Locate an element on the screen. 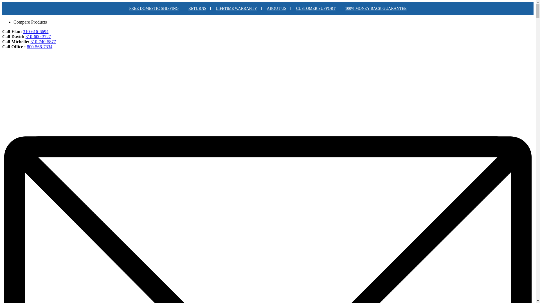 This screenshot has width=540, height=303. '310-740-5877' is located at coordinates (30, 41).